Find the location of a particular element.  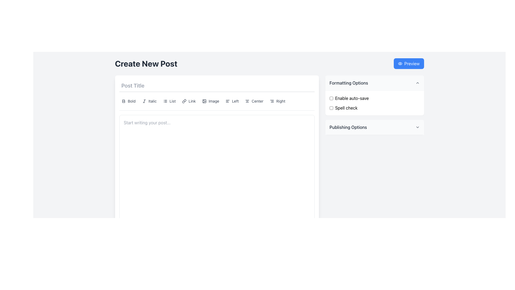

the text label 'Center' within the interactive button located in the center of the formatting toolbar is located at coordinates (257, 101).